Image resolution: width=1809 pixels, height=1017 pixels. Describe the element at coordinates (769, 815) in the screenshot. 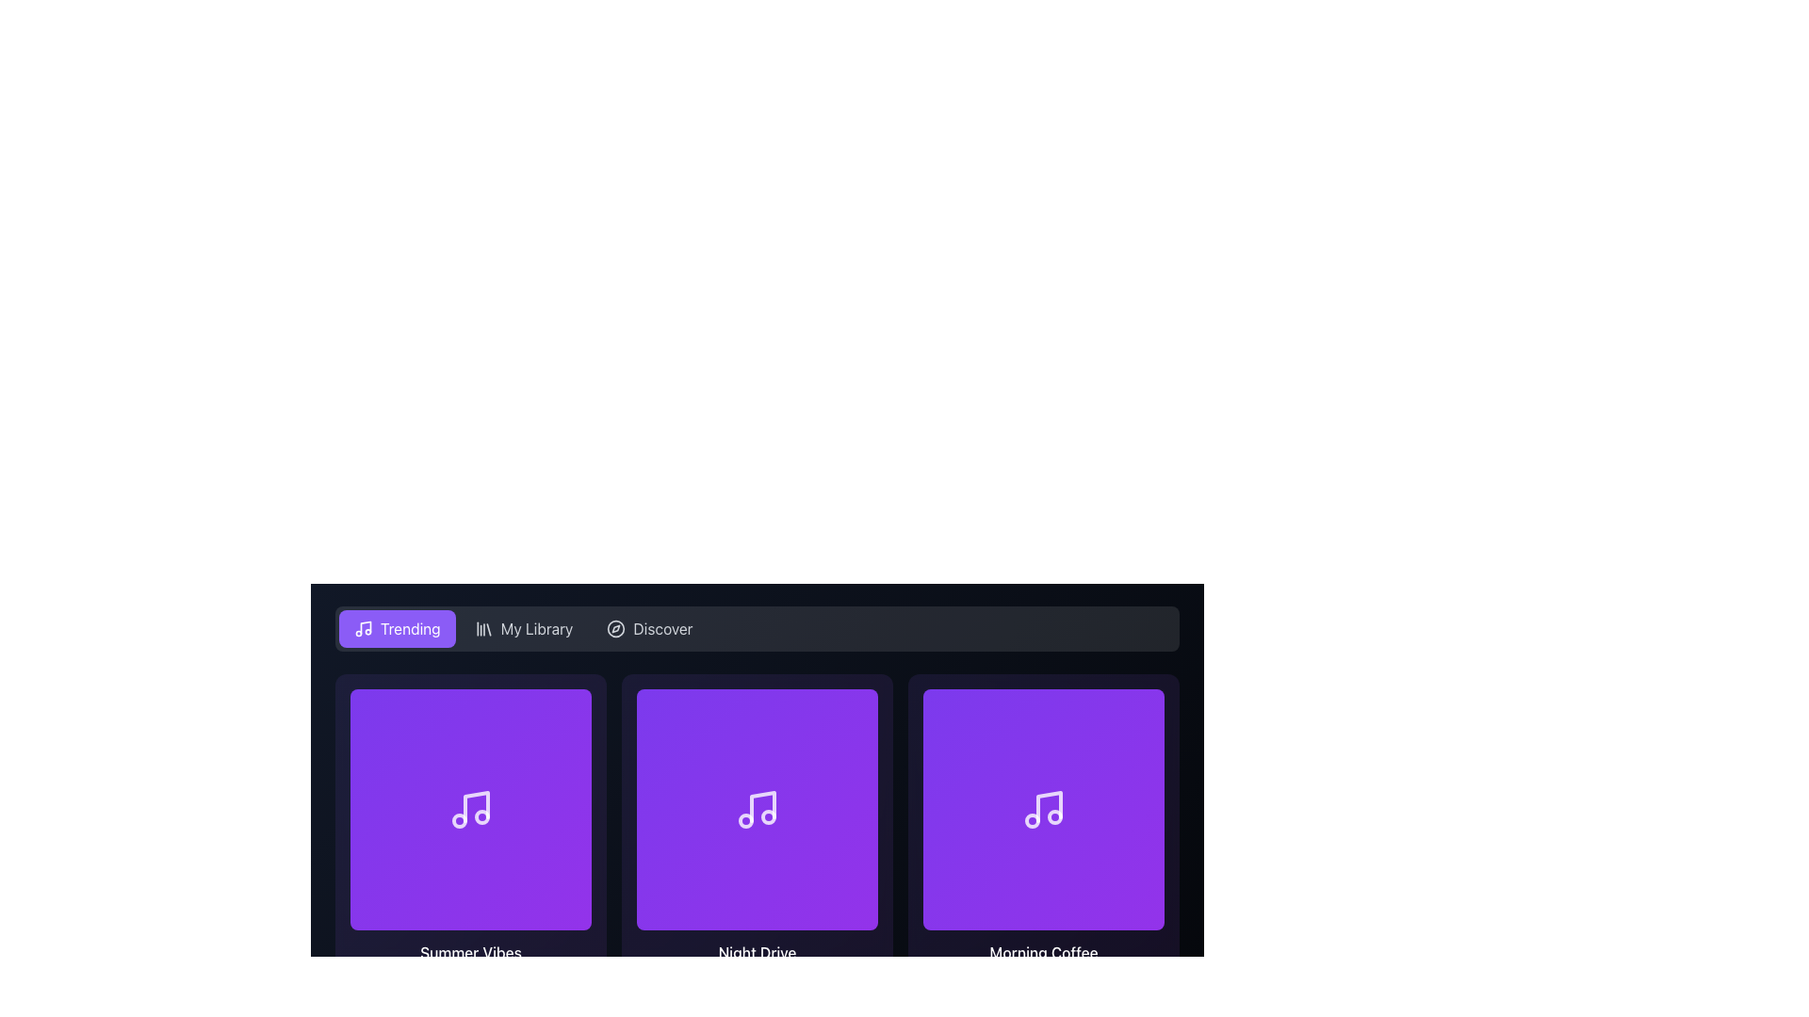

I see `the rightmost circle of the music note icon, which is part of the decorative design on the purple tile labeled 'Night Drive'` at that location.